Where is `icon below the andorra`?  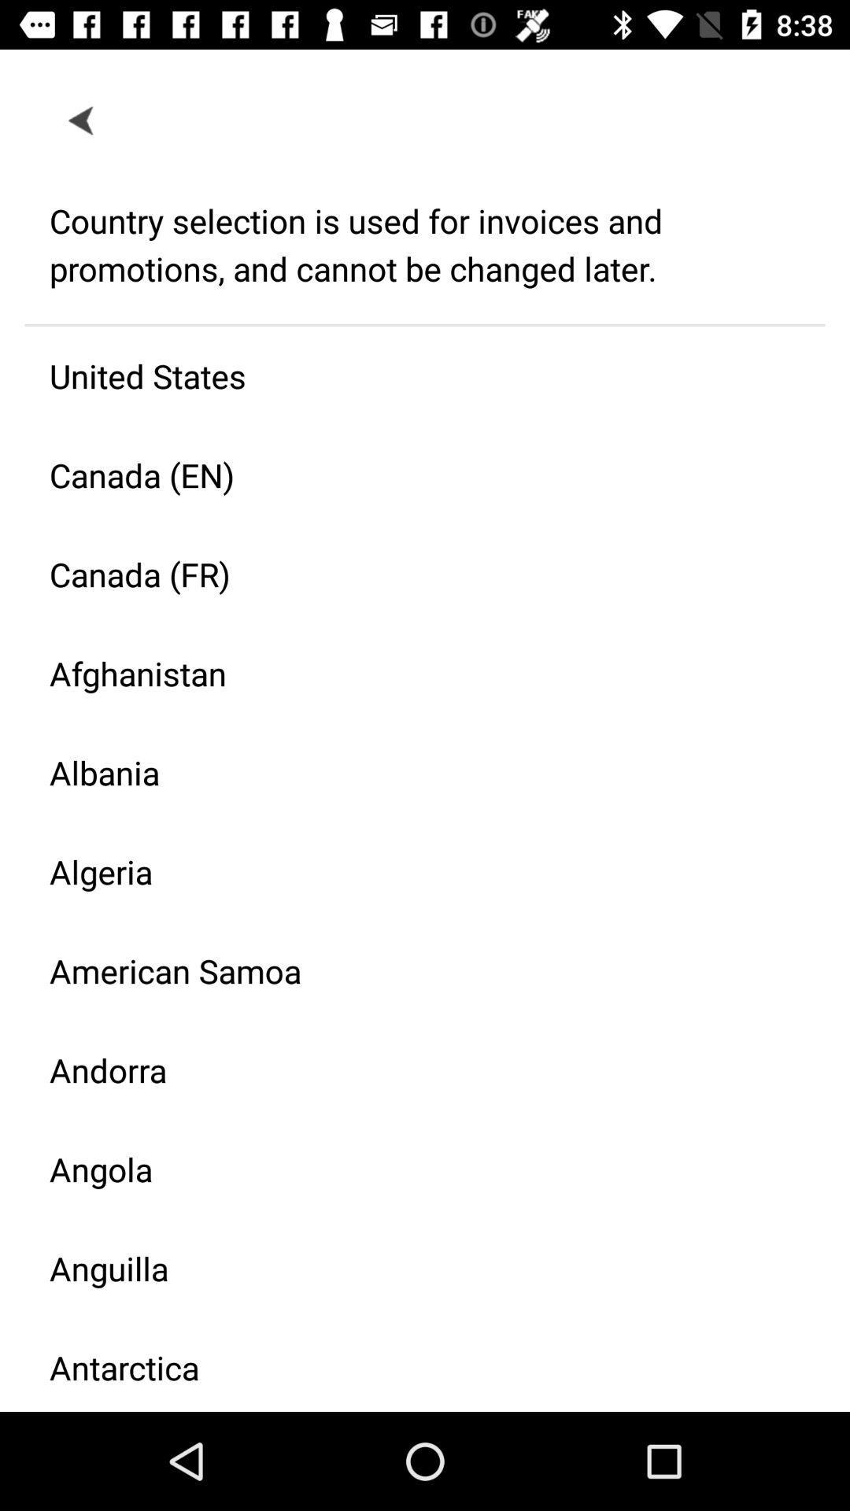 icon below the andorra is located at coordinates (412, 1169).